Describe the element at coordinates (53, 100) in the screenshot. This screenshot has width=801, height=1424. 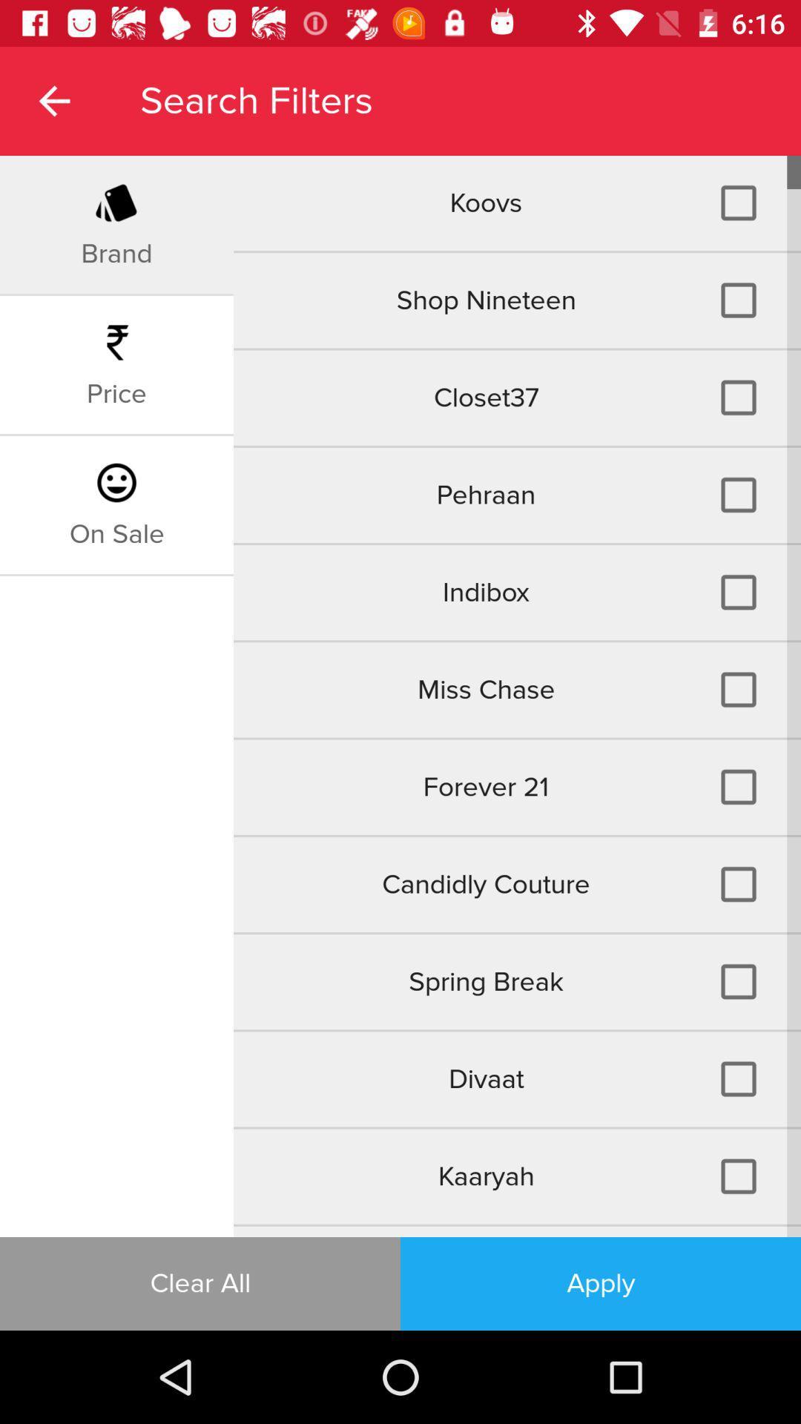
I see `the item to the left of search filters item` at that location.